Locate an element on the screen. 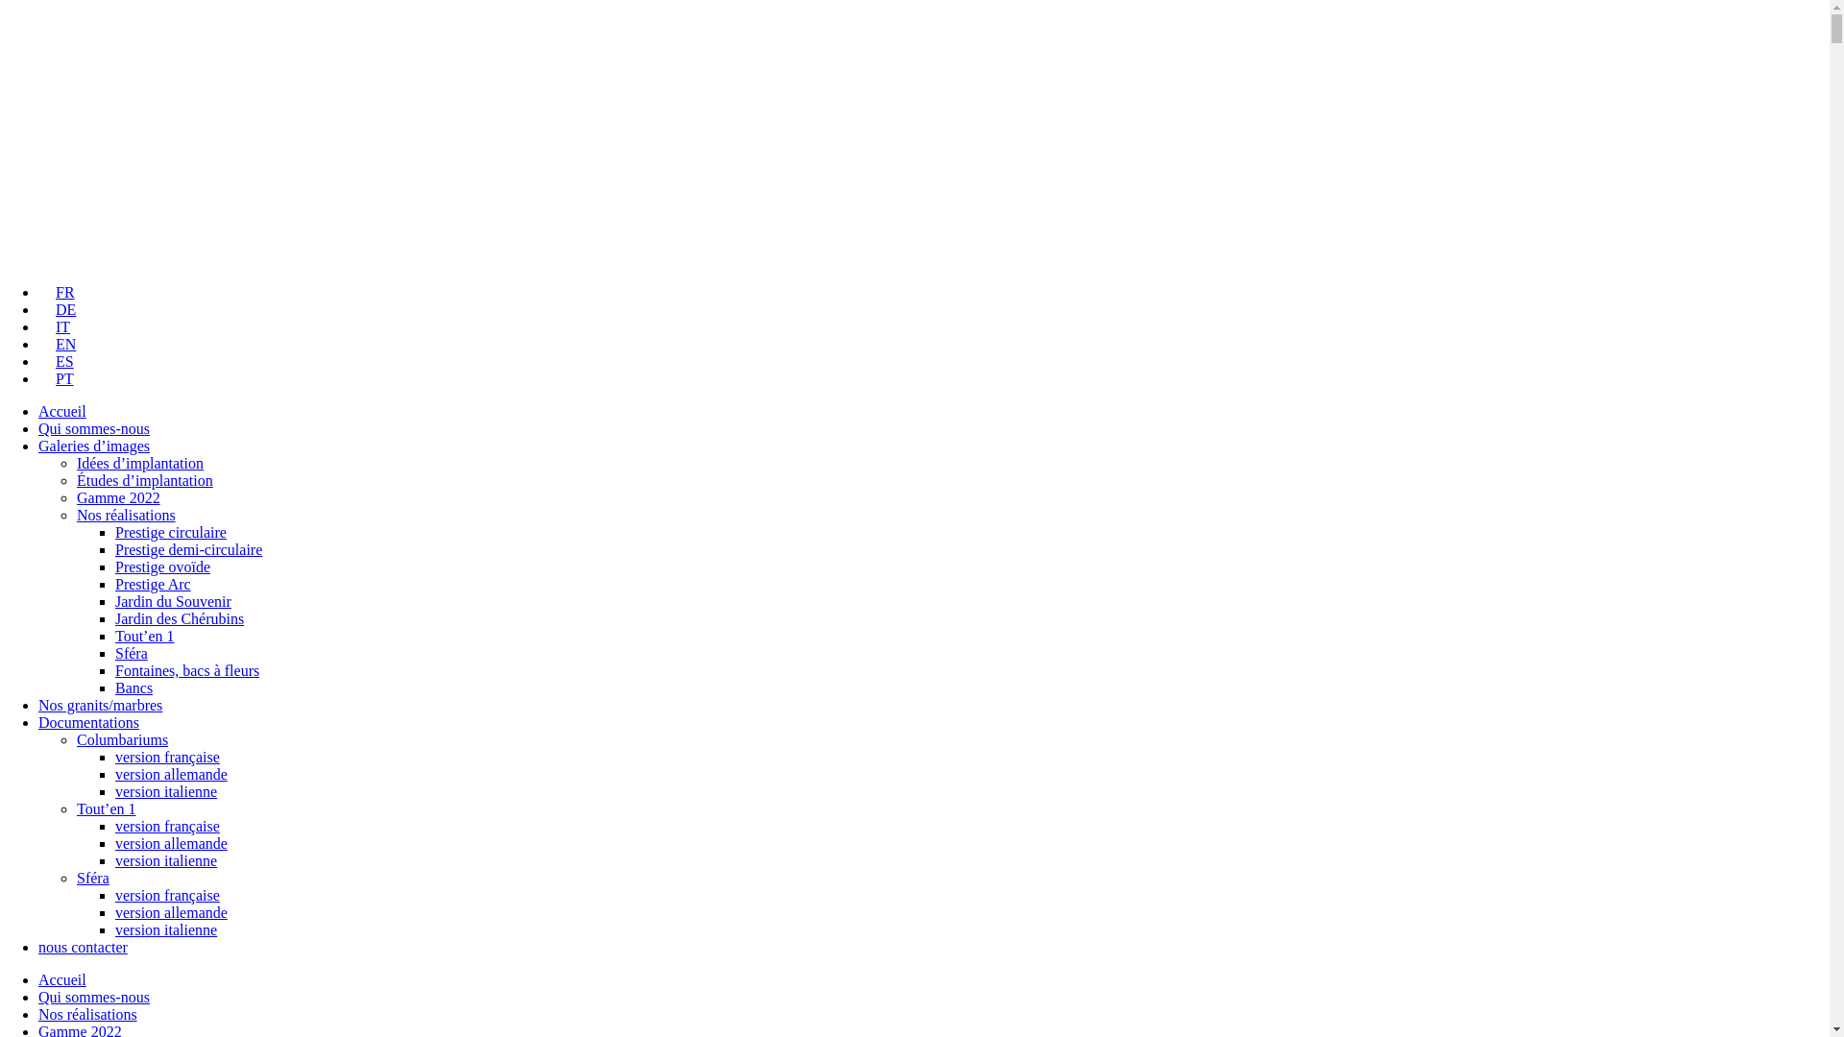  'EN' is located at coordinates (57, 343).